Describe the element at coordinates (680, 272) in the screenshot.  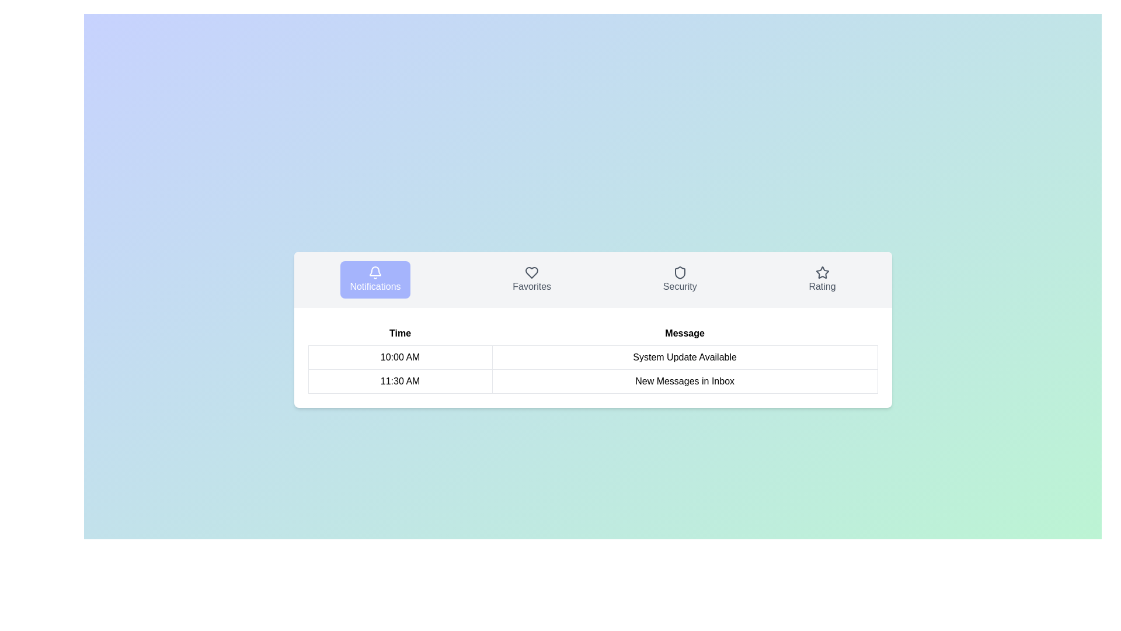
I see `the shield icon representing the 'Security' section` at that location.